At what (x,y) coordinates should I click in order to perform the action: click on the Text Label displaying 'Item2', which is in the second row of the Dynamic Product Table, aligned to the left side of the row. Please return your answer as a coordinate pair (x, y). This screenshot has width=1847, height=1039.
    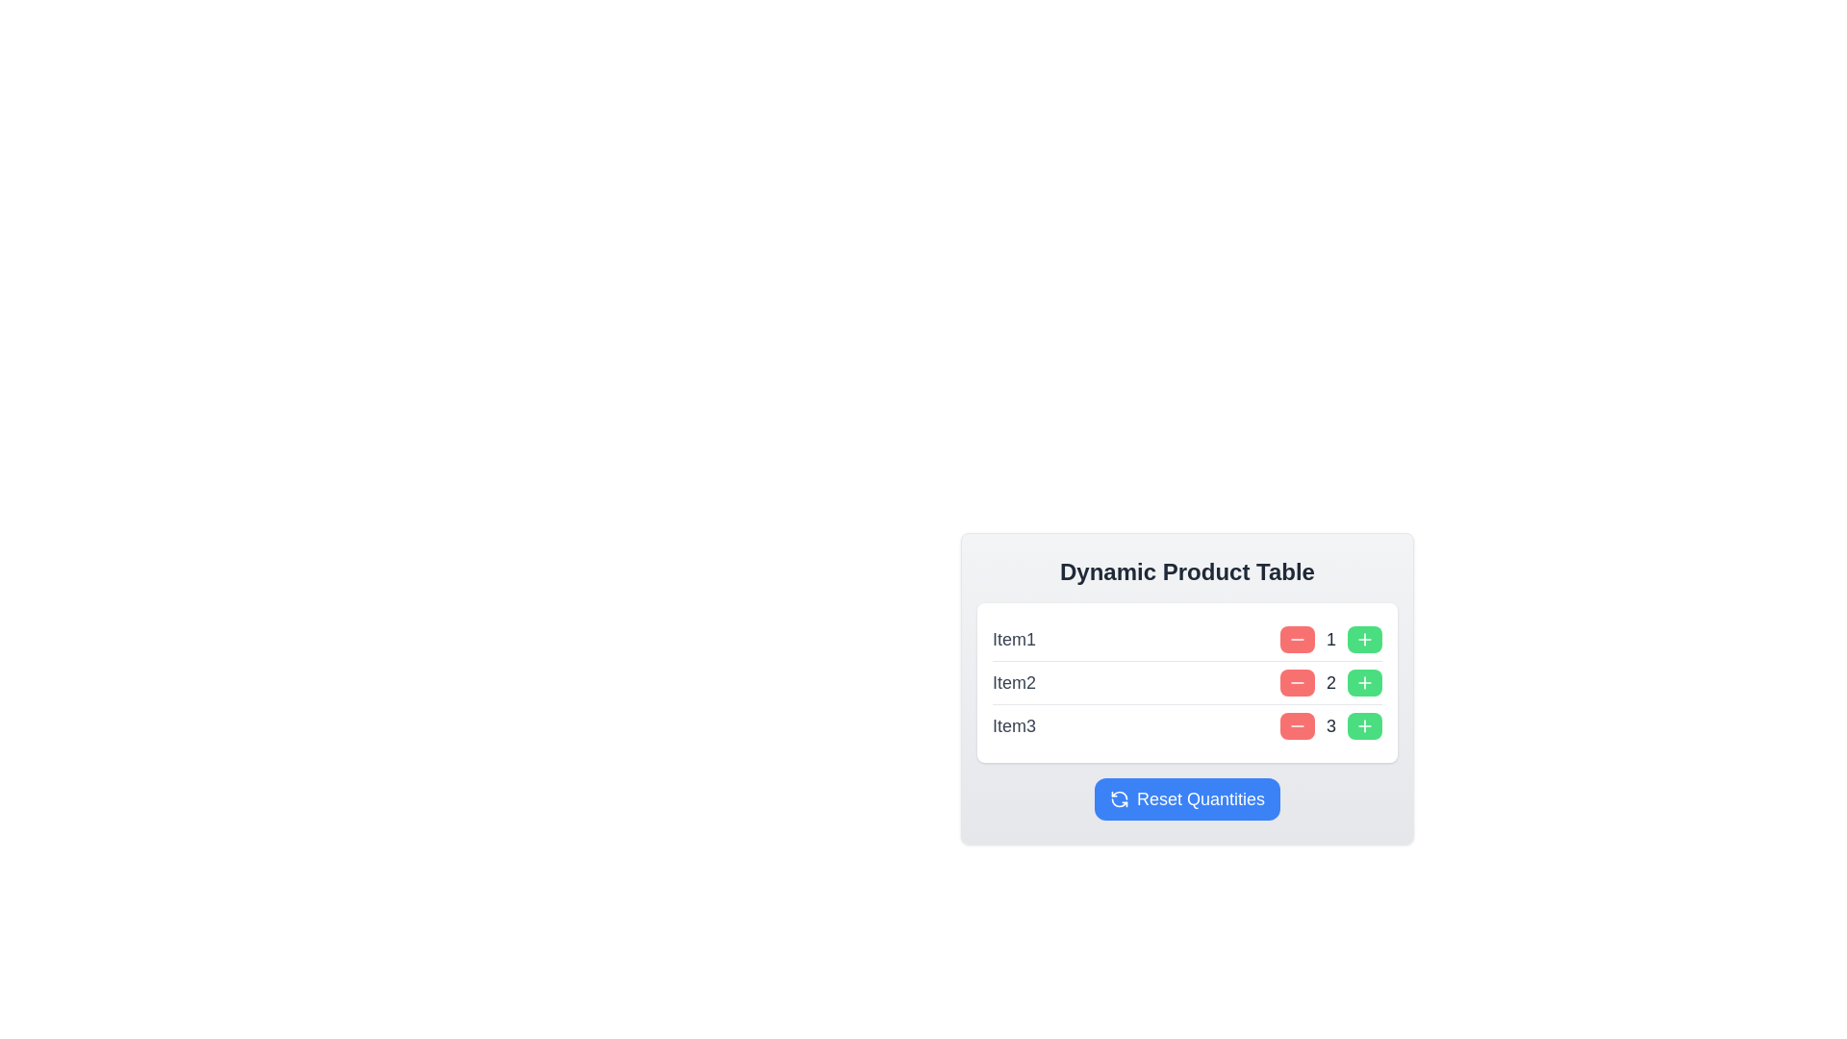
    Looking at the image, I should click on (1013, 681).